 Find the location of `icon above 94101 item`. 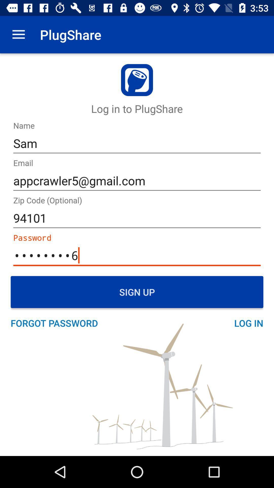

icon above 94101 item is located at coordinates (137, 181).